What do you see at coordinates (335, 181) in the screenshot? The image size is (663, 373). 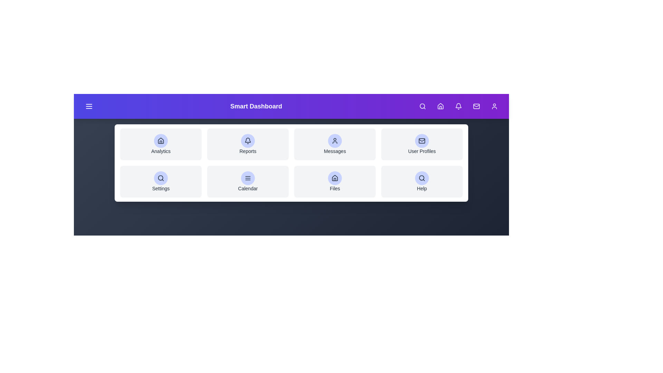 I see `the element labeled Files to observe its hover effect` at bounding box center [335, 181].